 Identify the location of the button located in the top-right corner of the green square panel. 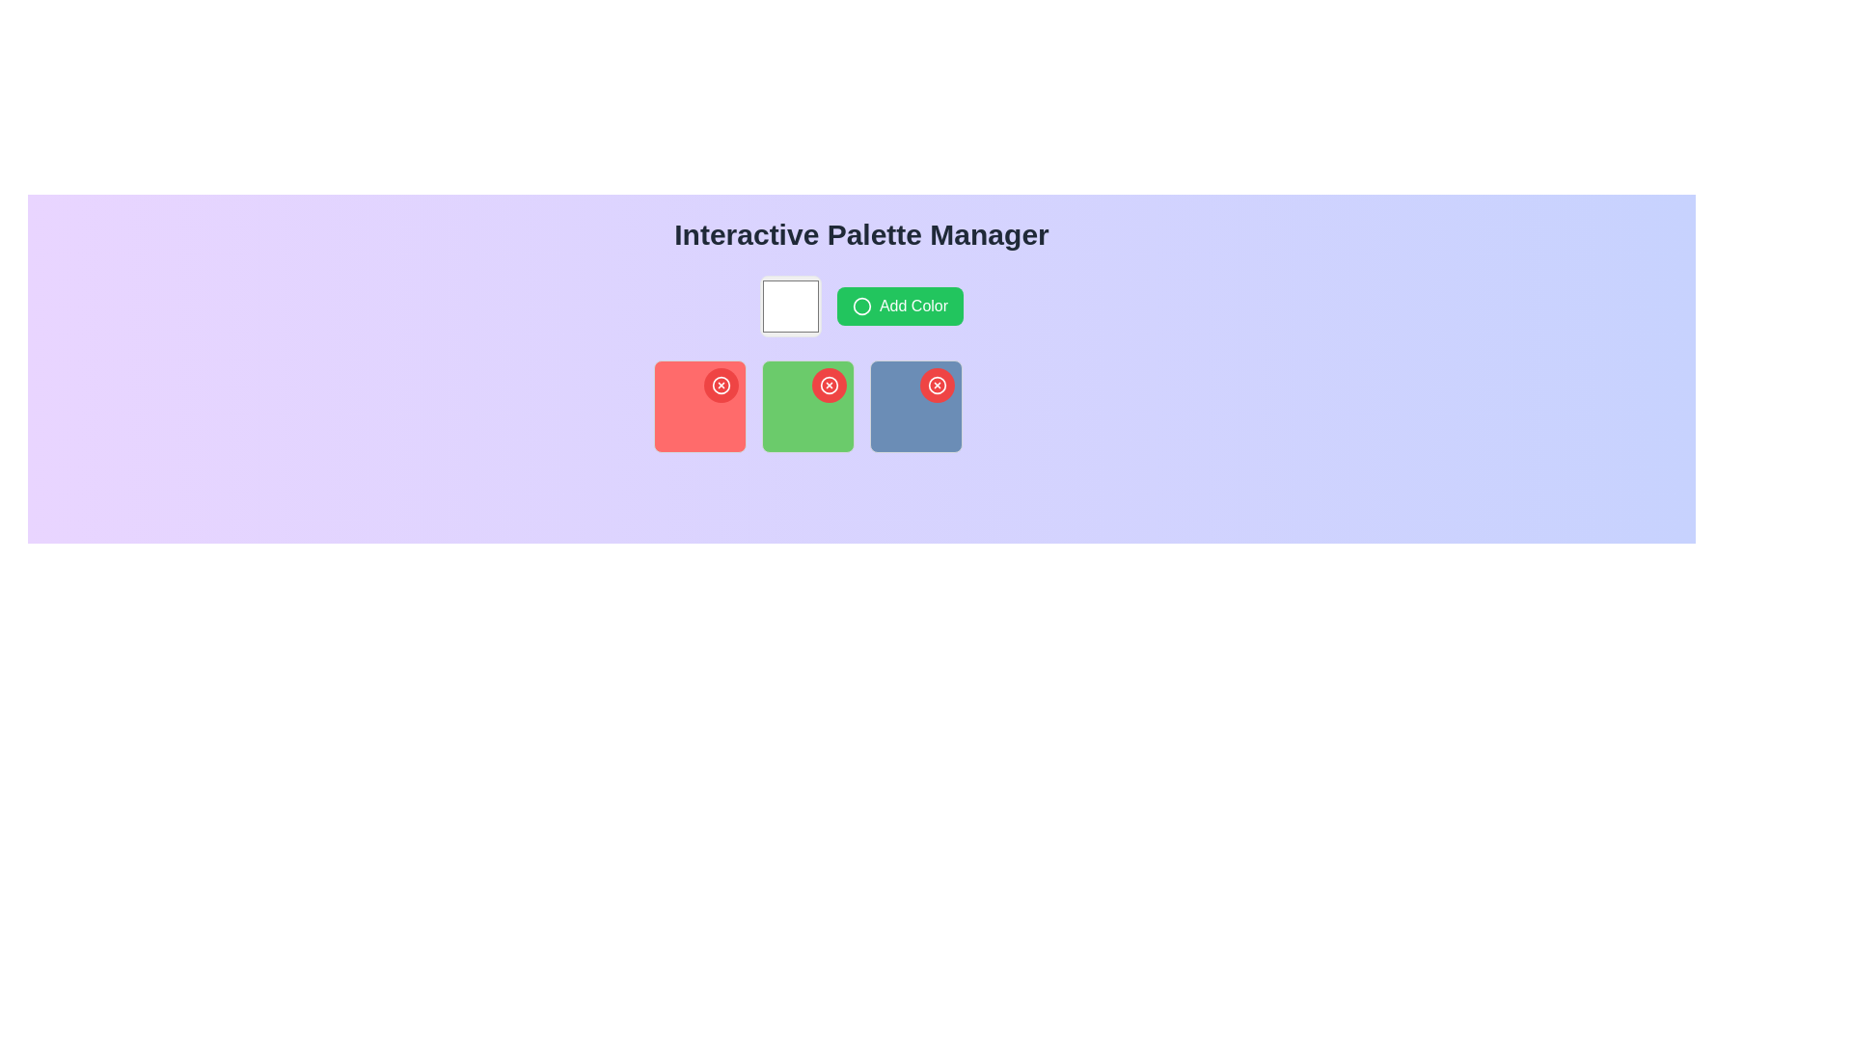
(829, 386).